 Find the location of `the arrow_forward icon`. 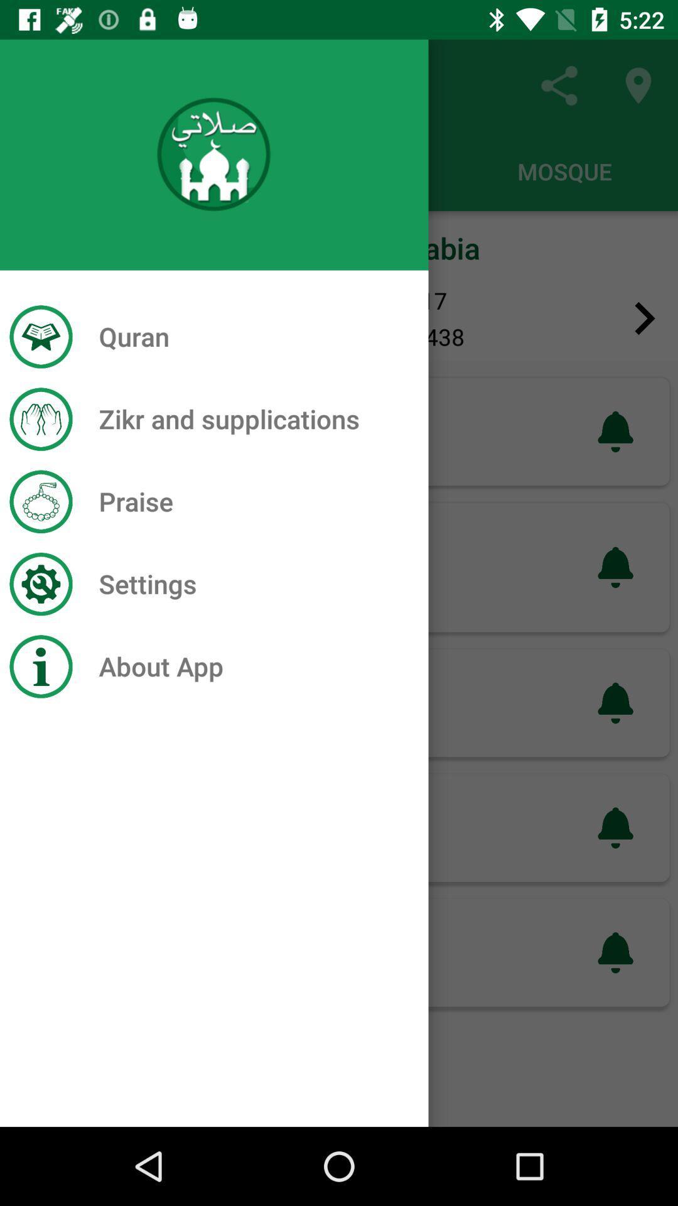

the arrow_forward icon is located at coordinates (645, 318).